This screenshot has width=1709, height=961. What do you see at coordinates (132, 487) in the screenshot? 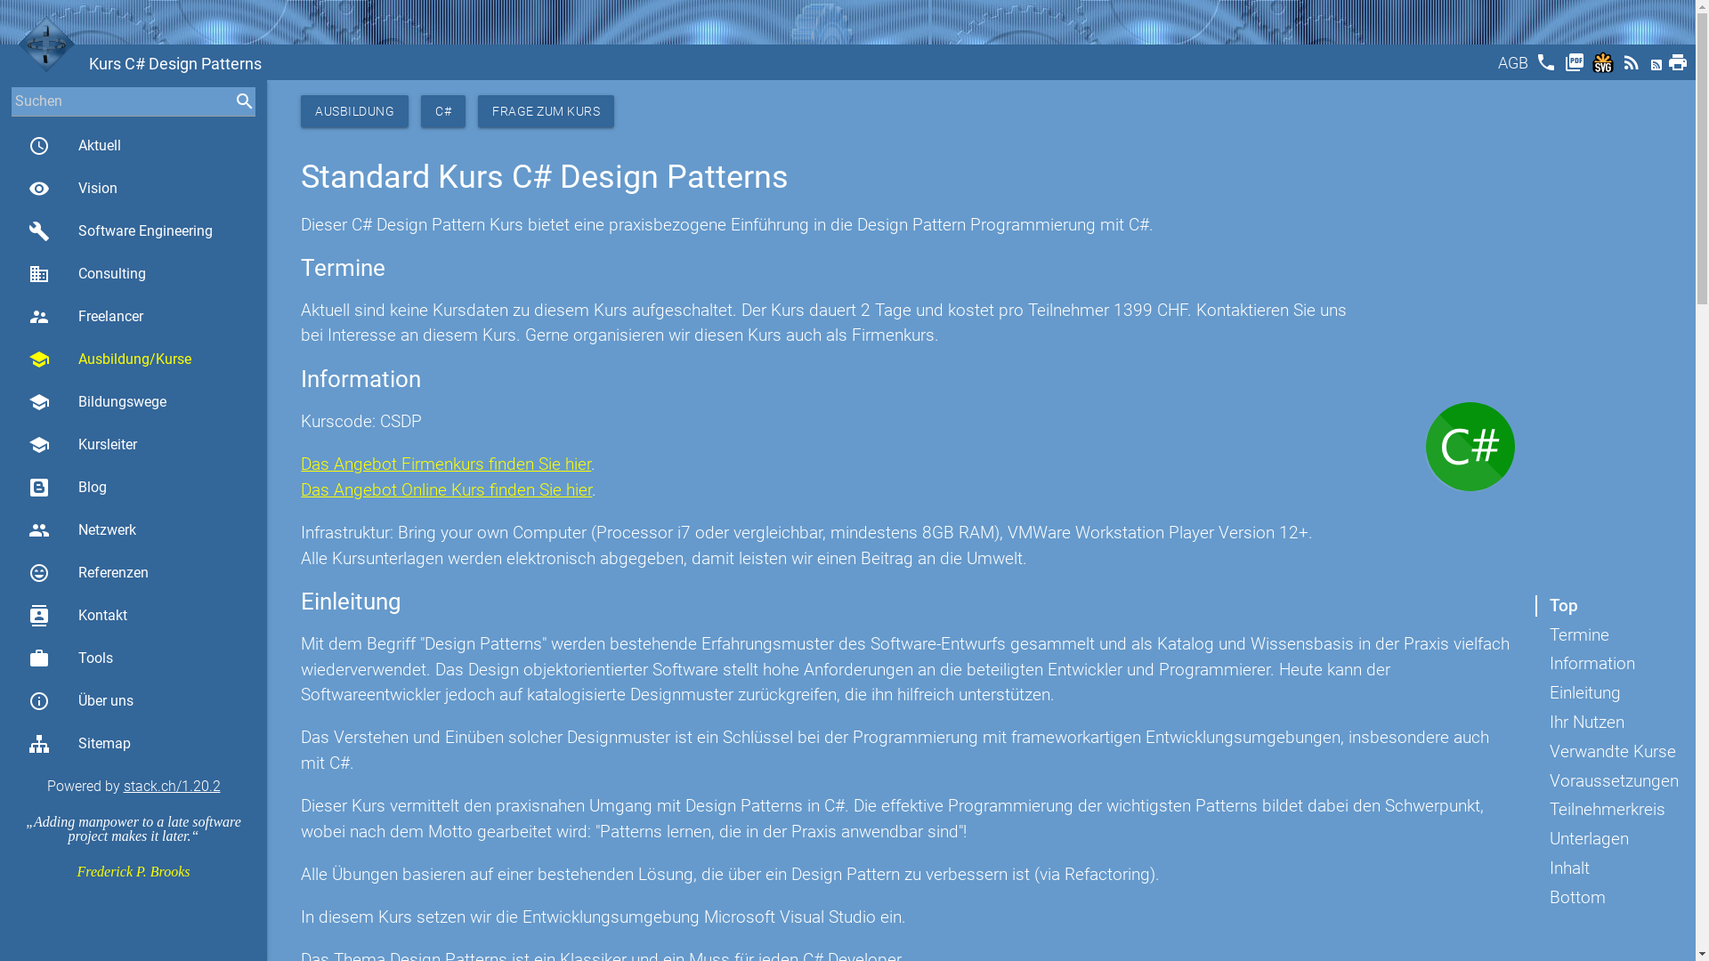
I see `'Blog'` at bounding box center [132, 487].